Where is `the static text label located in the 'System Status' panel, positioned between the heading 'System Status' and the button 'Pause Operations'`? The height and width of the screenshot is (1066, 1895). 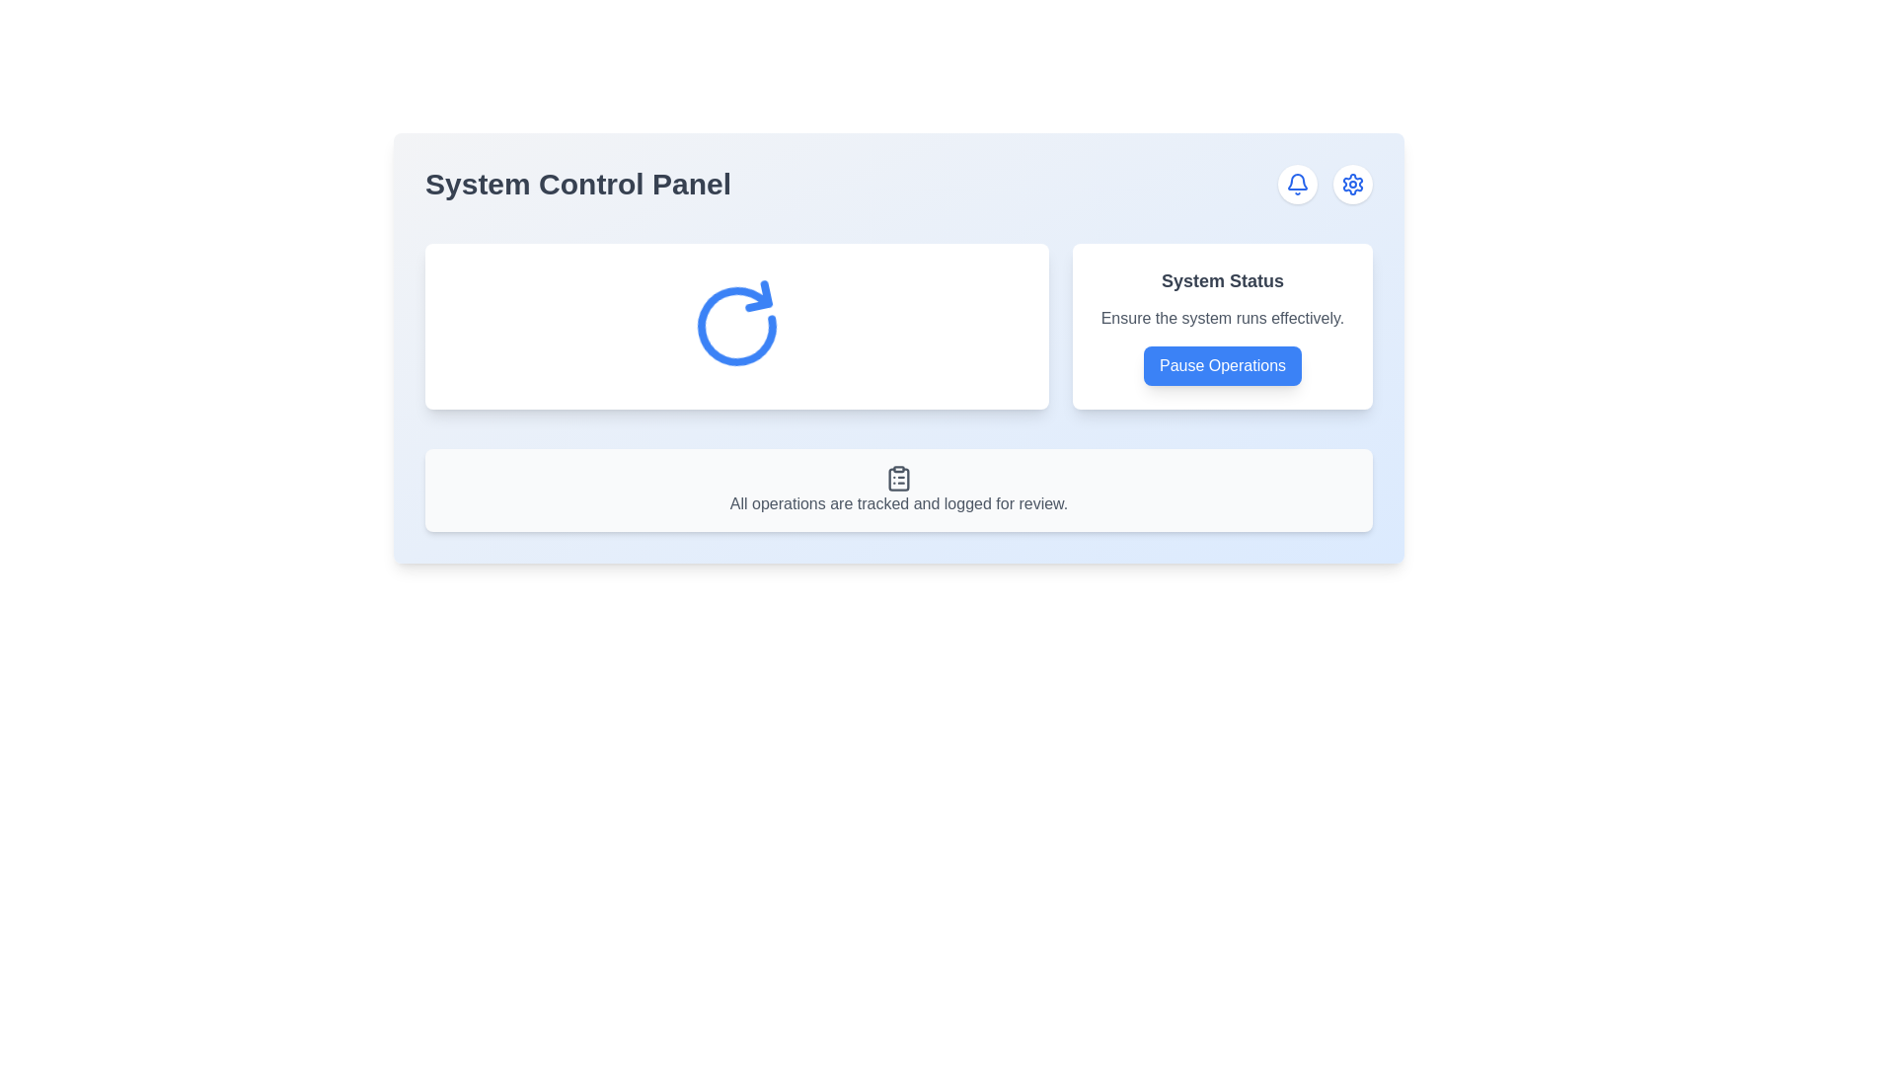 the static text label located in the 'System Status' panel, positioned between the heading 'System Status' and the button 'Pause Operations' is located at coordinates (1221, 318).